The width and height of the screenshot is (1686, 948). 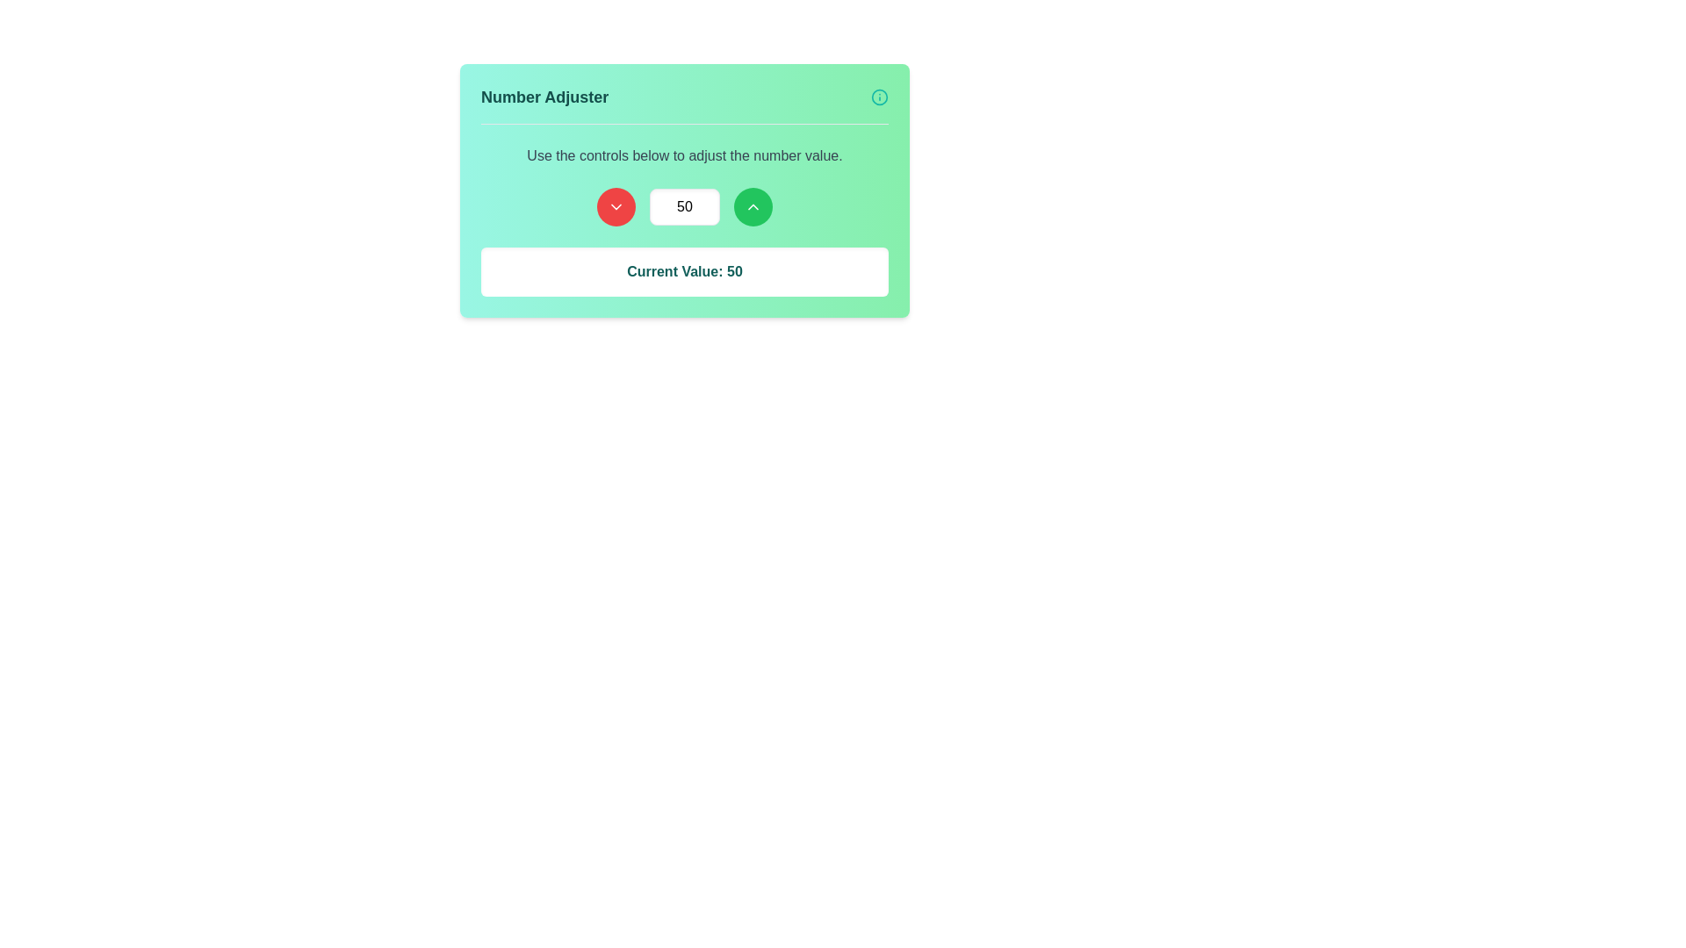 What do you see at coordinates (683, 205) in the screenshot?
I see `the increment button of the 'Number Adjuster' control group to increase the displayed numerical value` at bounding box center [683, 205].